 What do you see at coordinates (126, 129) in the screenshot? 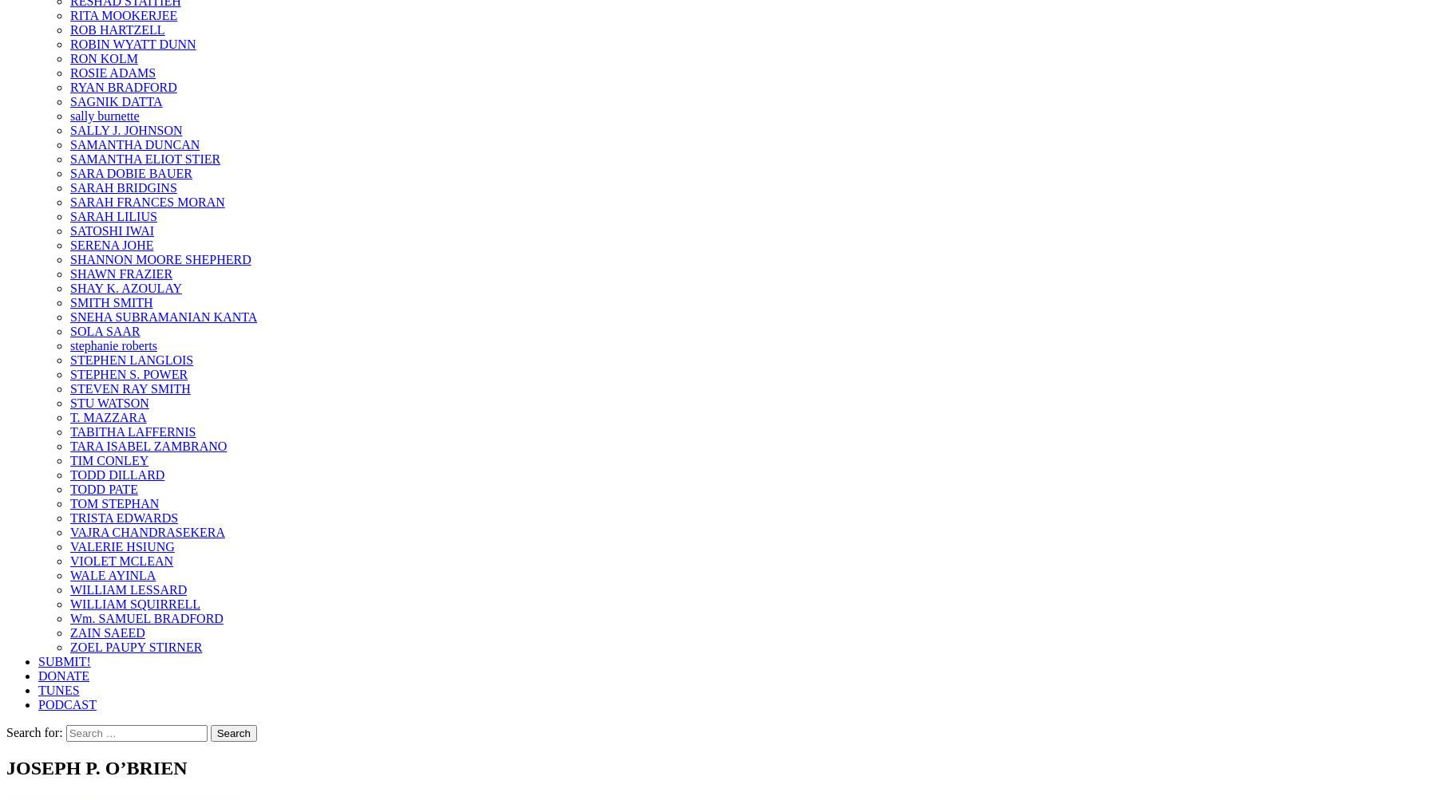
I see `'SALLY J. JOHNSON'` at bounding box center [126, 129].